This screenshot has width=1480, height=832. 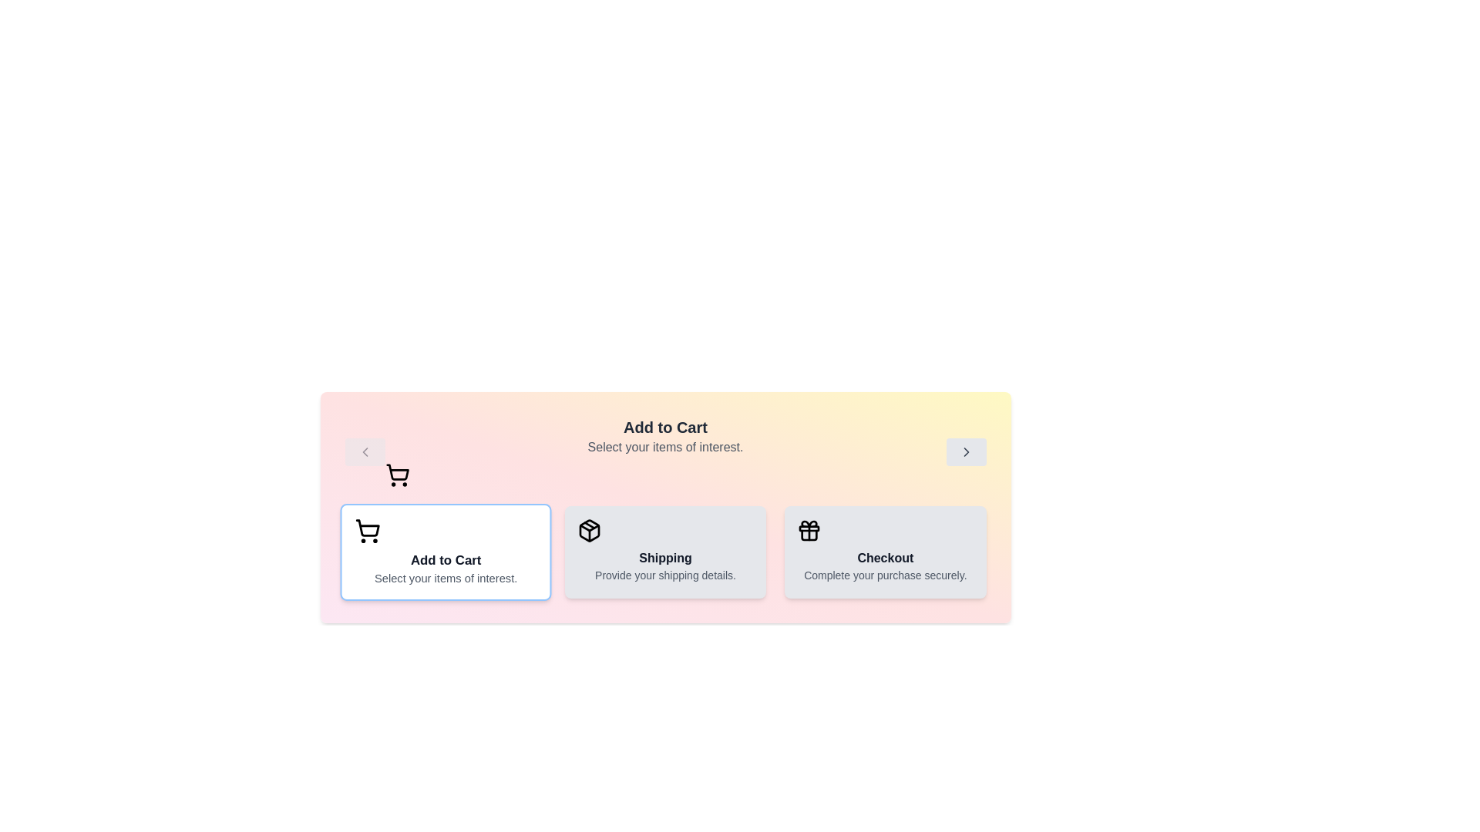 I want to click on the label that displays 'Add to Cart' with the description 'Select your items of interest.' which is centrally located above the selectable boxes, so click(x=665, y=451).